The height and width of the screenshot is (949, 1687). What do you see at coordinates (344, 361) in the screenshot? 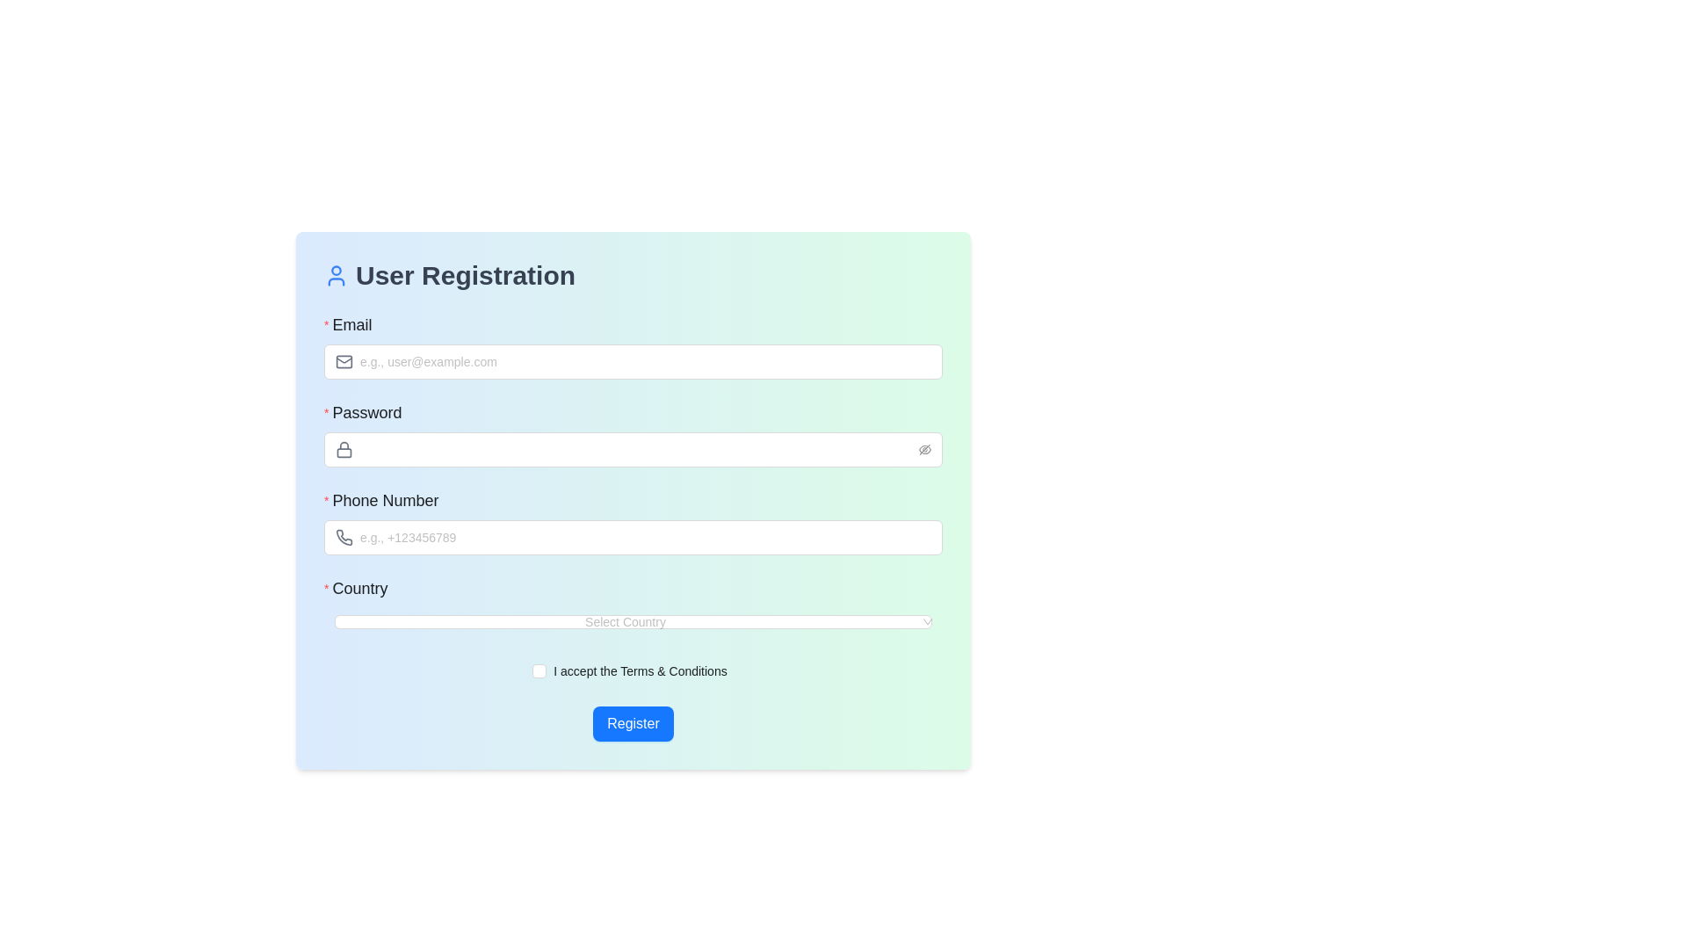
I see `the Envelope/Mail icon located inside the 'Email' input field, positioned to the left of the email address input area` at bounding box center [344, 361].